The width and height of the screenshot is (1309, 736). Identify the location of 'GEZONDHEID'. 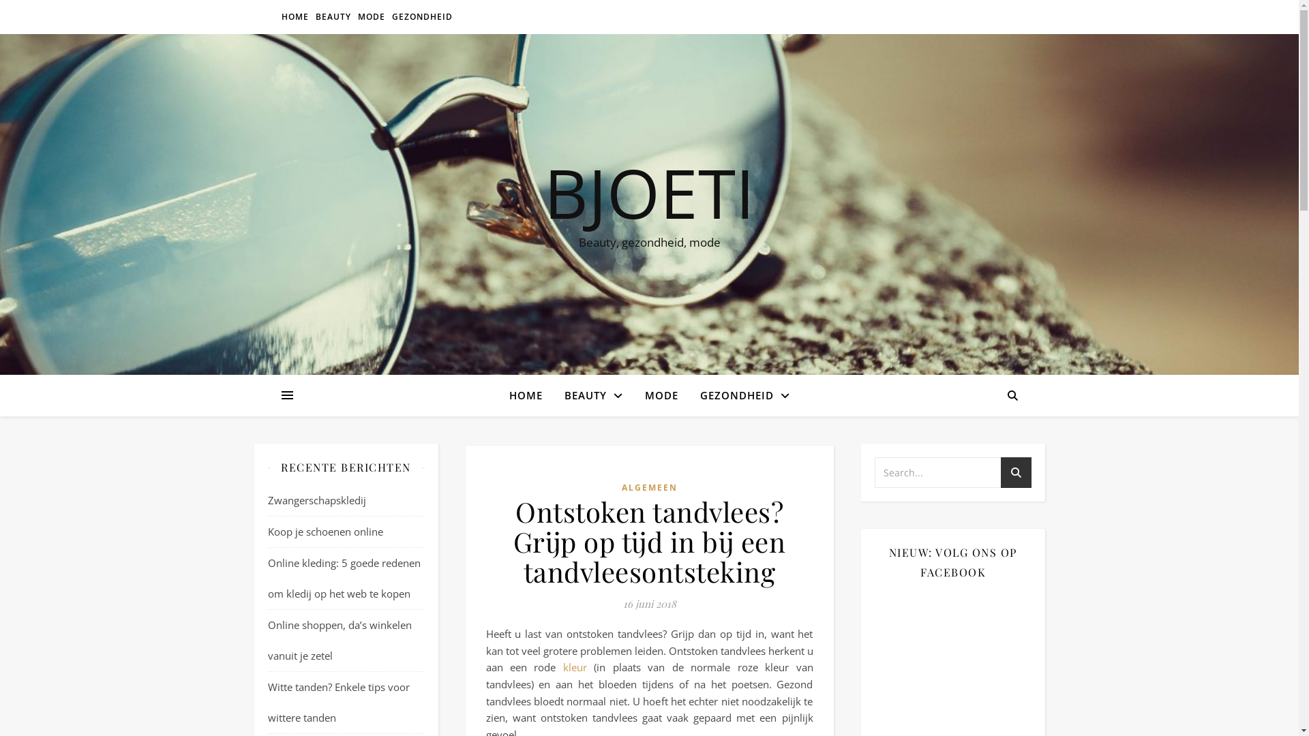
(420, 16).